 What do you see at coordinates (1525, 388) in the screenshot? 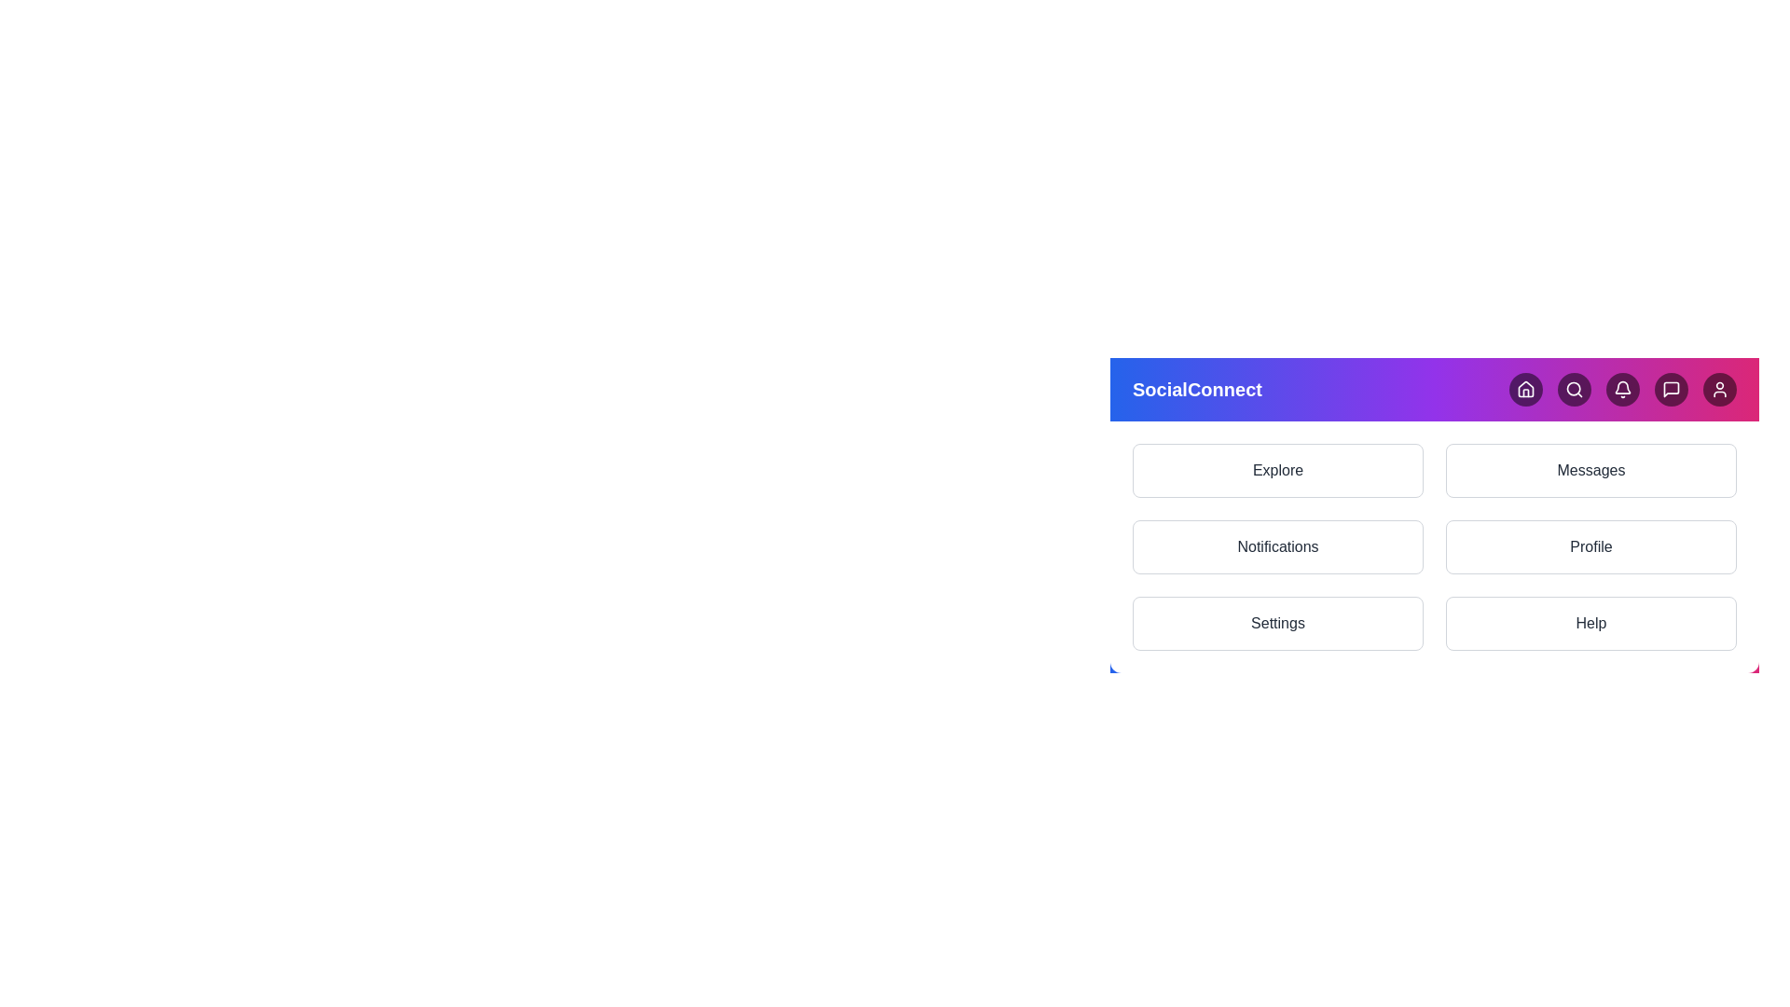
I see `the button with the icon Home to observe the hover effect` at bounding box center [1525, 388].